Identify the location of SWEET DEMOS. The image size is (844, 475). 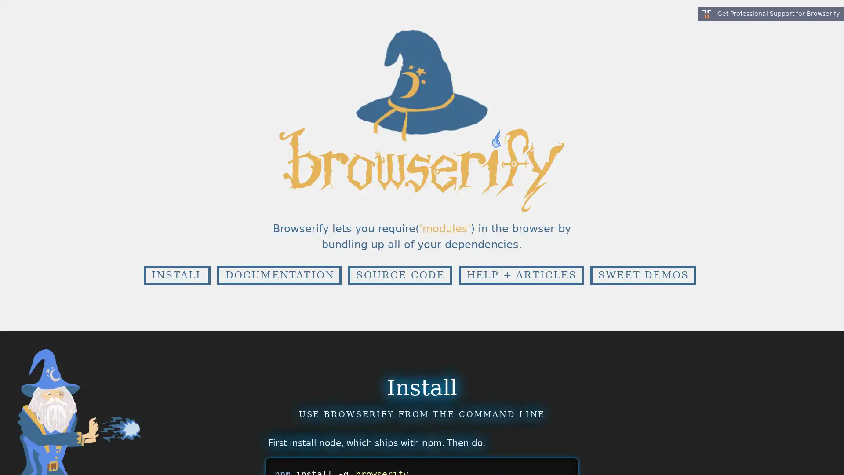
(643, 274).